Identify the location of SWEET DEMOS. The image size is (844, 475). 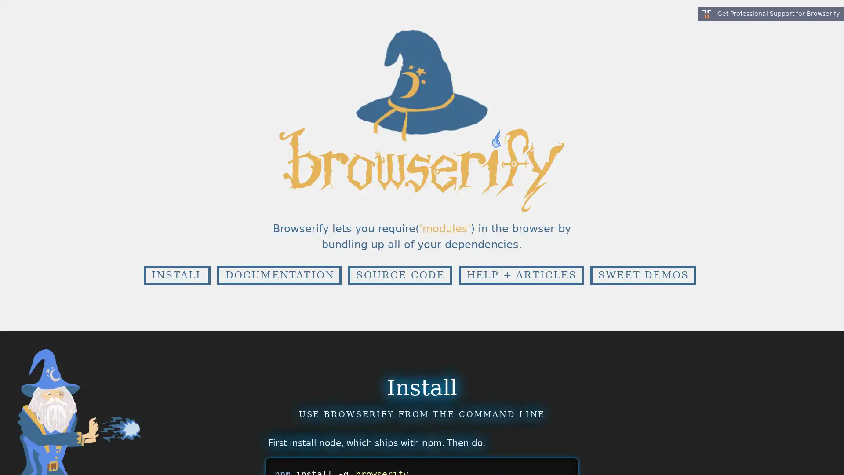
(643, 274).